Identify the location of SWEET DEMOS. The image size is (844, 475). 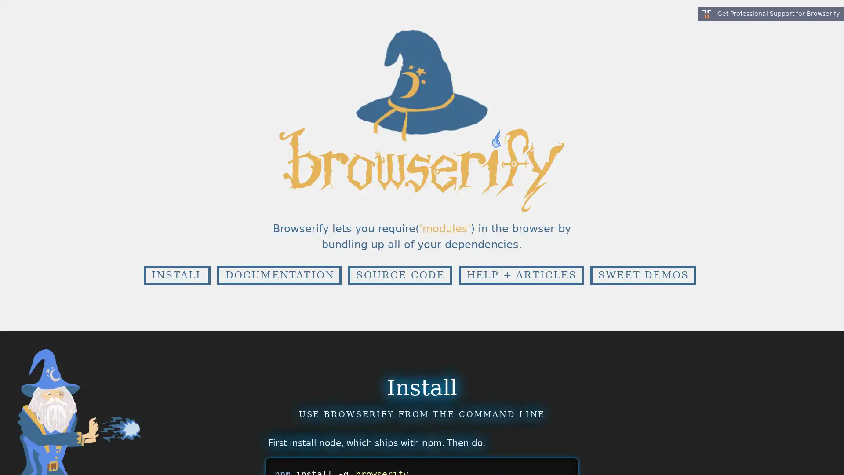
(643, 274).